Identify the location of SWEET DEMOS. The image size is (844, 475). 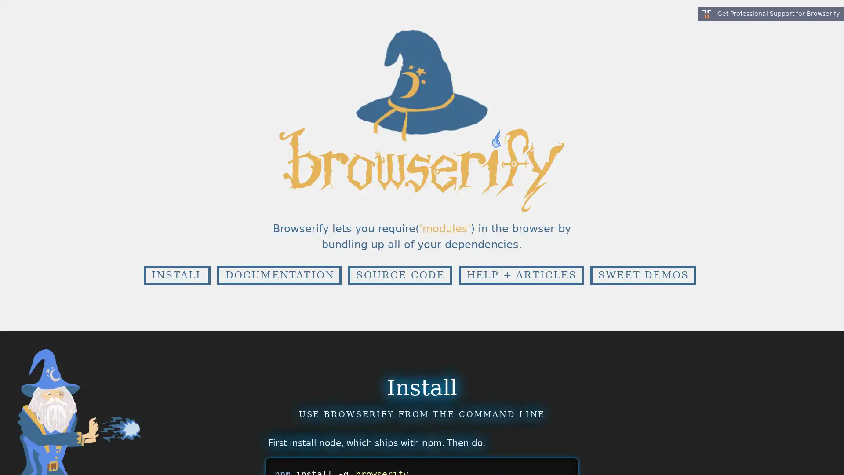
(643, 274).